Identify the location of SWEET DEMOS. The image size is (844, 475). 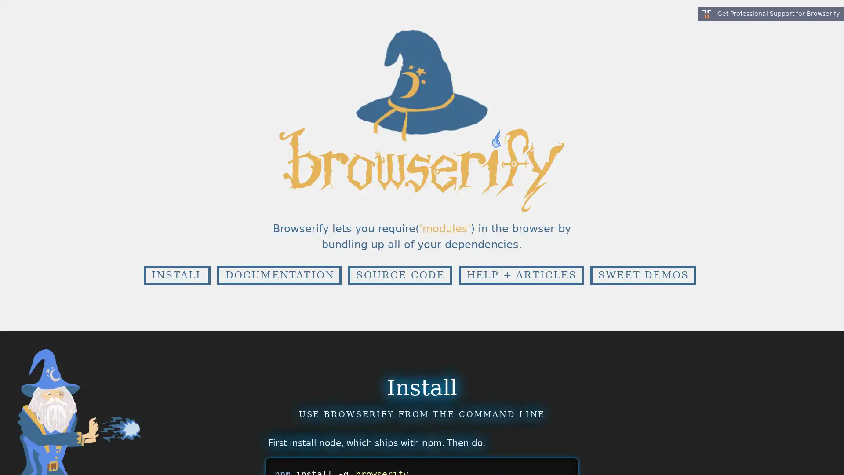
(643, 274).